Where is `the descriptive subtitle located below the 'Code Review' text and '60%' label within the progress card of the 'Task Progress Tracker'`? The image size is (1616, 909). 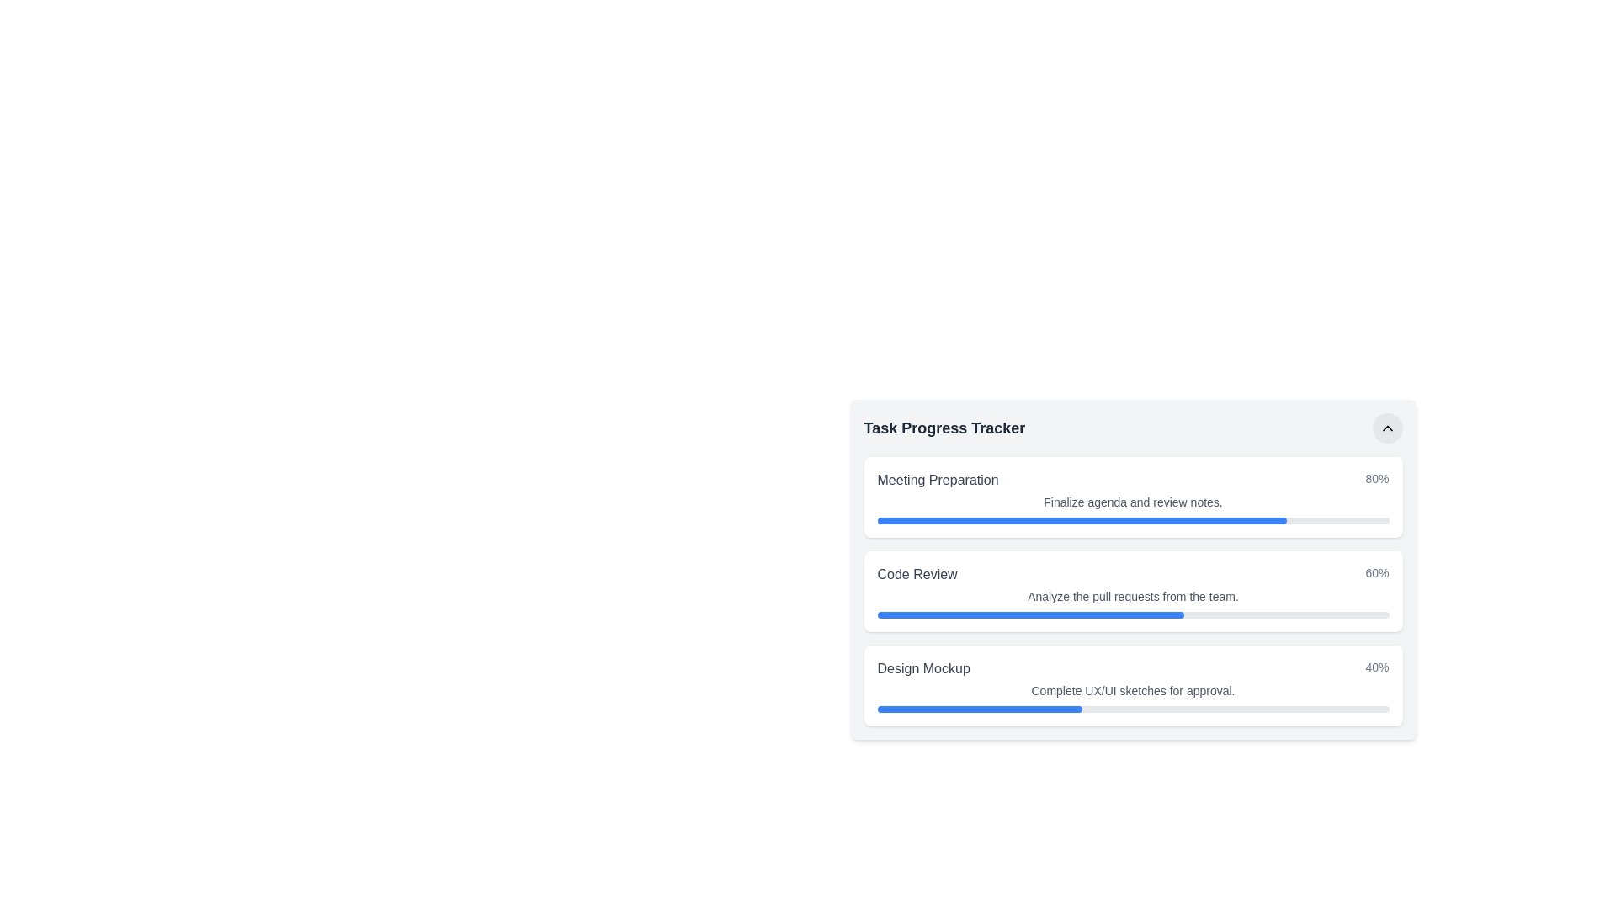 the descriptive subtitle located below the 'Code Review' text and '60%' label within the progress card of the 'Task Progress Tracker' is located at coordinates (1133, 596).